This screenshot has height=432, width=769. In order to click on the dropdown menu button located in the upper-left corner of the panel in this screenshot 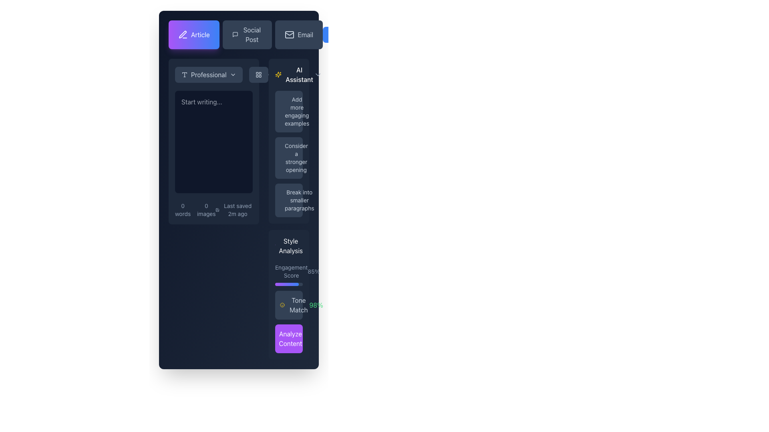, I will do `click(209, 74)`.